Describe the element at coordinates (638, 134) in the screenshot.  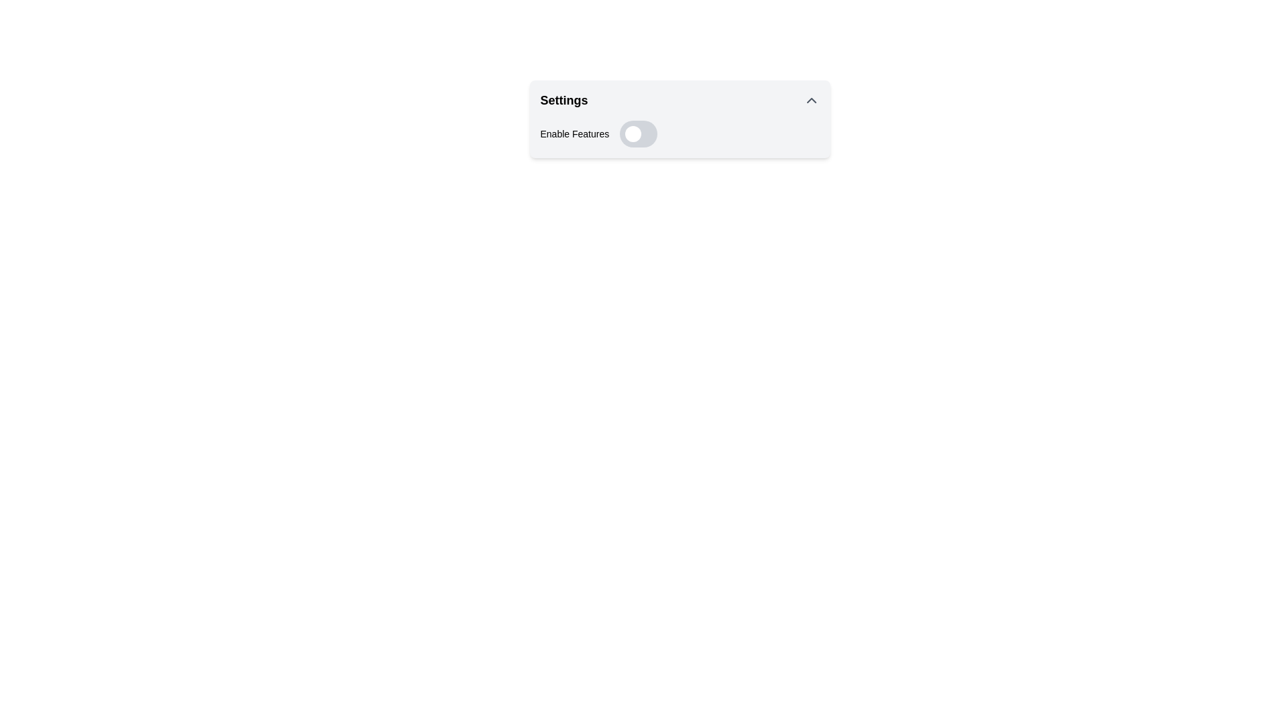
I see `the toggle switch located immediately to the right of the text 'Enable Features' by` at that location.